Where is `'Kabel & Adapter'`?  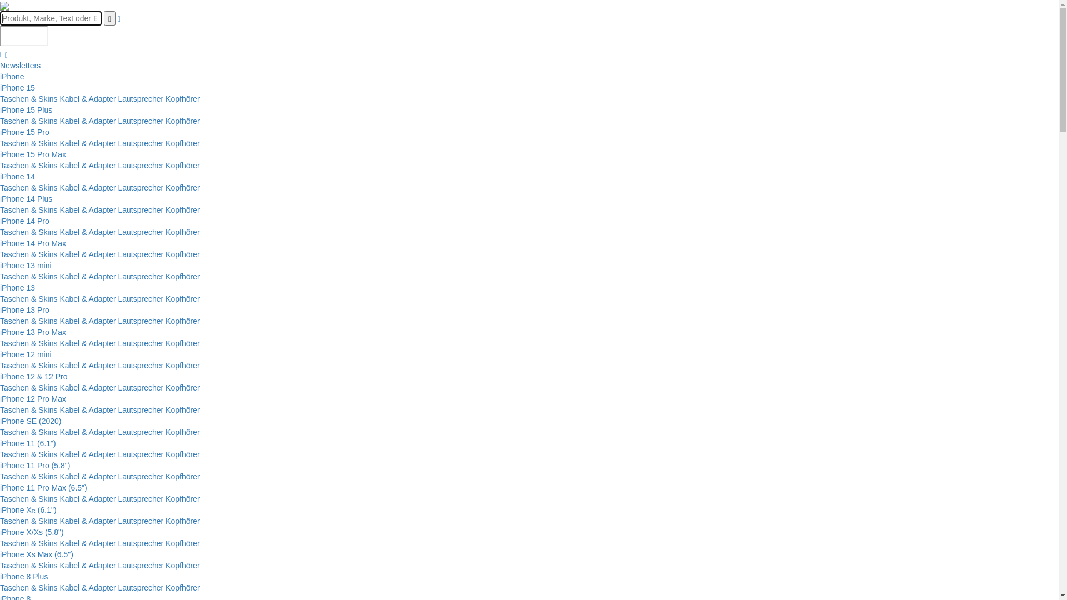
'Kabel & Adapter' is located at coordinates (58, 587).